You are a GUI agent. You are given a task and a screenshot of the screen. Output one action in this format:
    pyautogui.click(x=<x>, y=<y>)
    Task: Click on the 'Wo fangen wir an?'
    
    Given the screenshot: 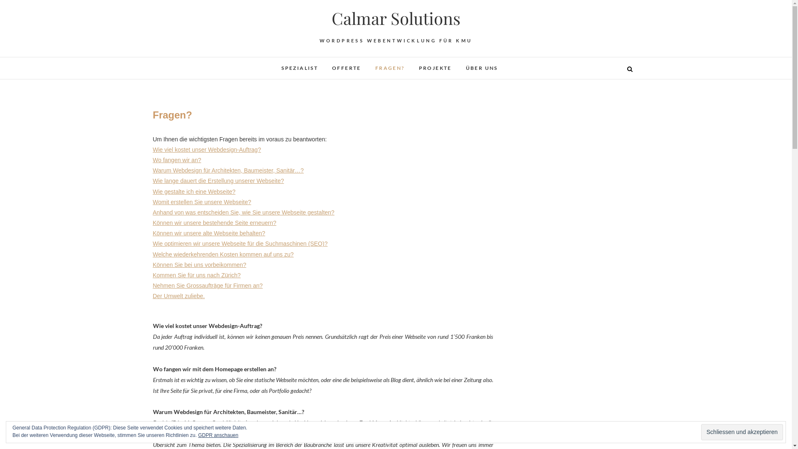 What is the action you would take?
    pyautogui.click(x=177, y=160)
    